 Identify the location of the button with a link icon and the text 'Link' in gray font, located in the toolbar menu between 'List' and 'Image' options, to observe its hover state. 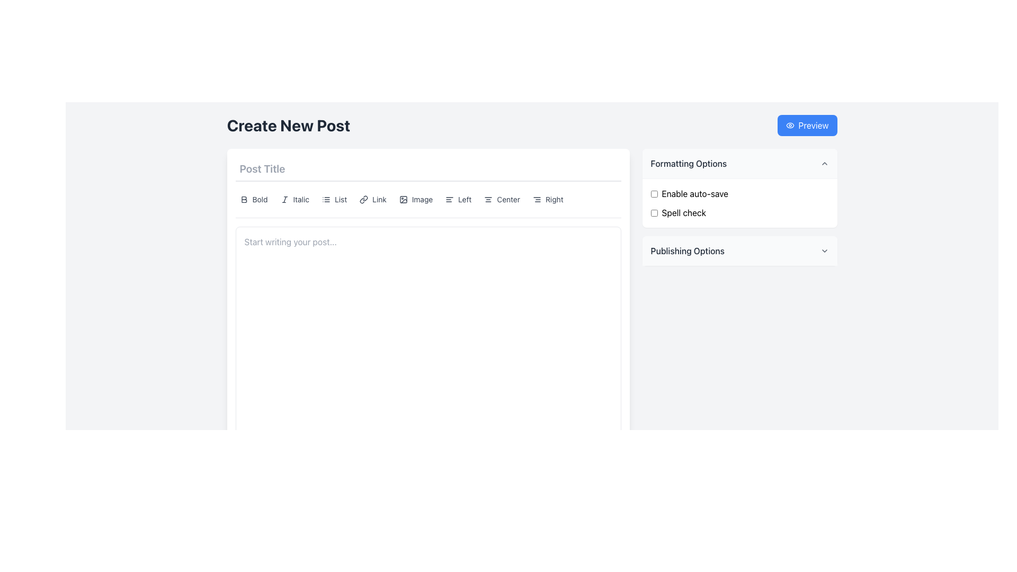
(373, 200).